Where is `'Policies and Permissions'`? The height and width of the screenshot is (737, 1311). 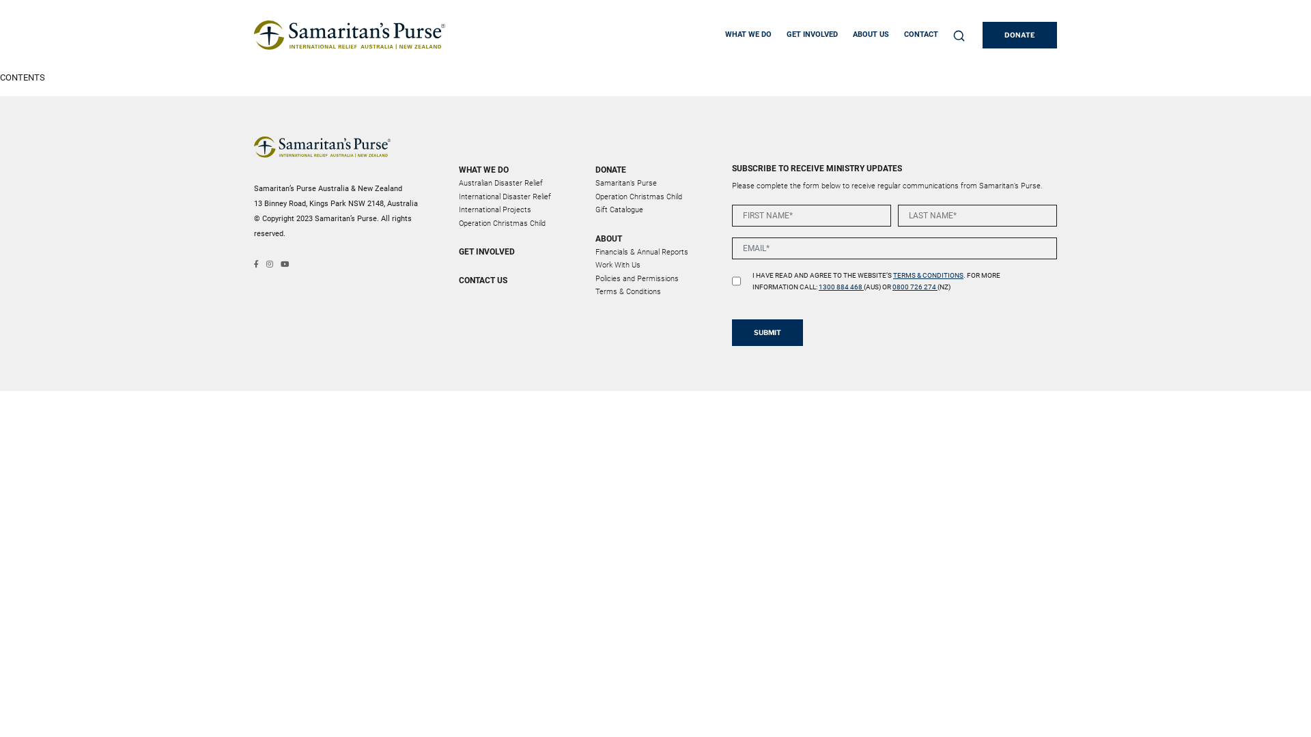
'Policies and Permissions' is located at coordinates (595, 278).